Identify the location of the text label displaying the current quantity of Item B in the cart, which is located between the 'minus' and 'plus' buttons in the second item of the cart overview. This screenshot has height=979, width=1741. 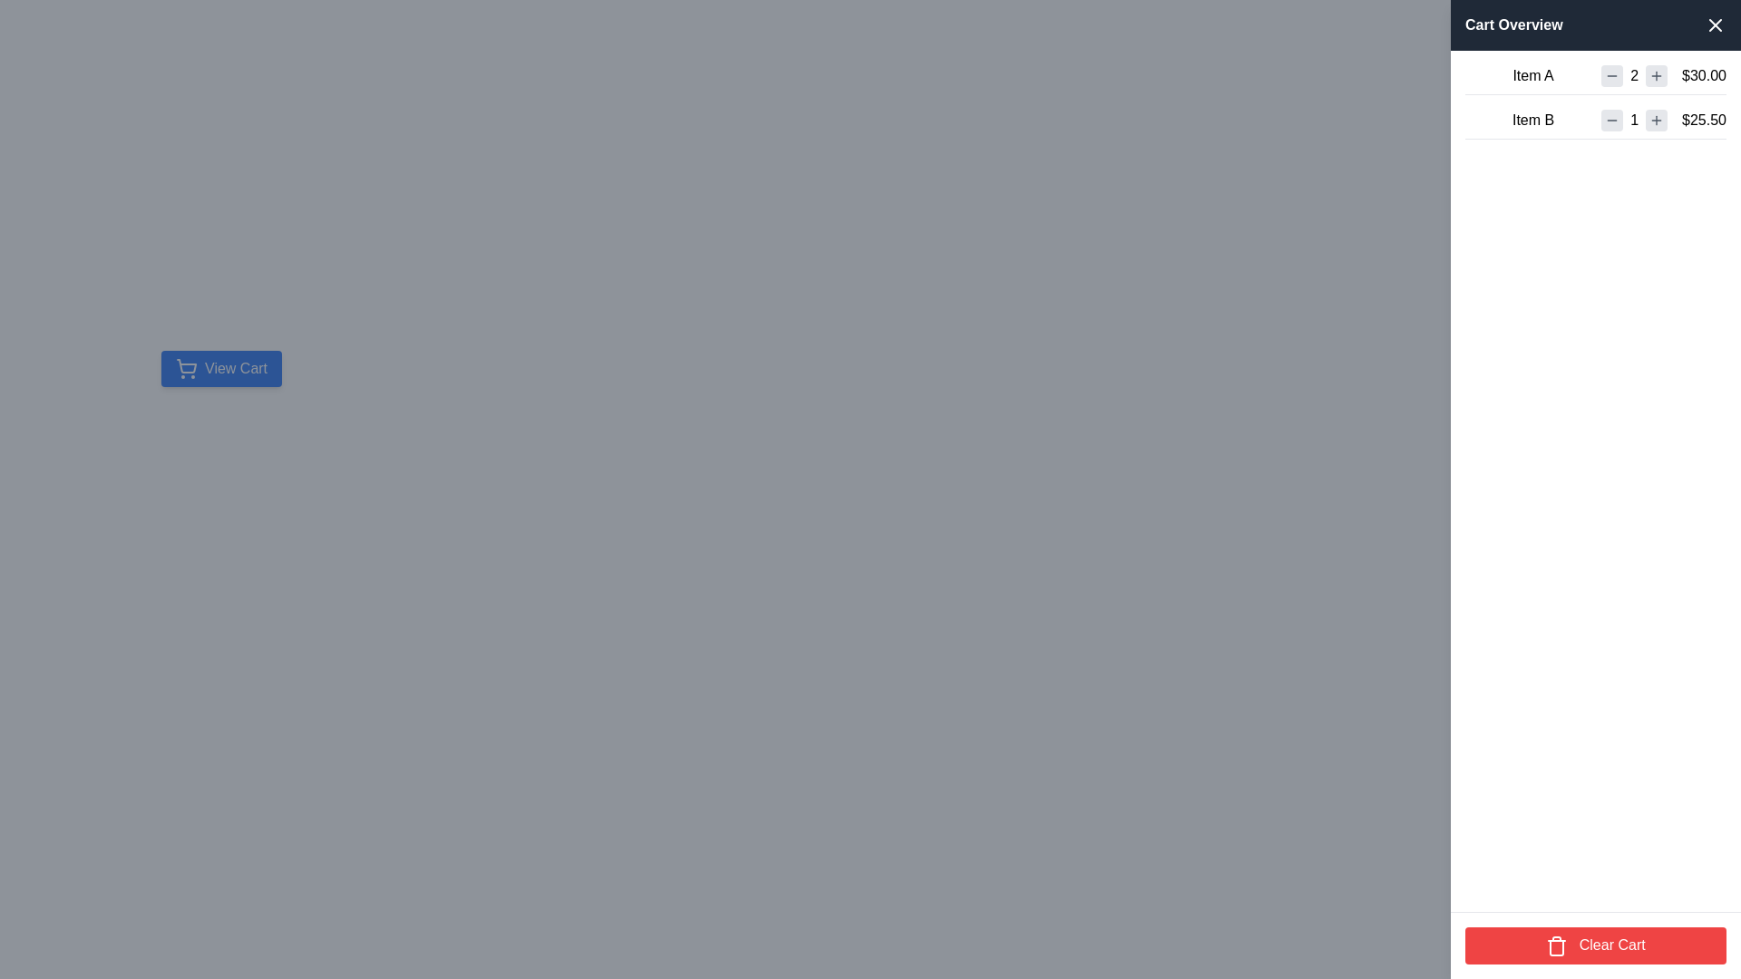
(1634, 120).